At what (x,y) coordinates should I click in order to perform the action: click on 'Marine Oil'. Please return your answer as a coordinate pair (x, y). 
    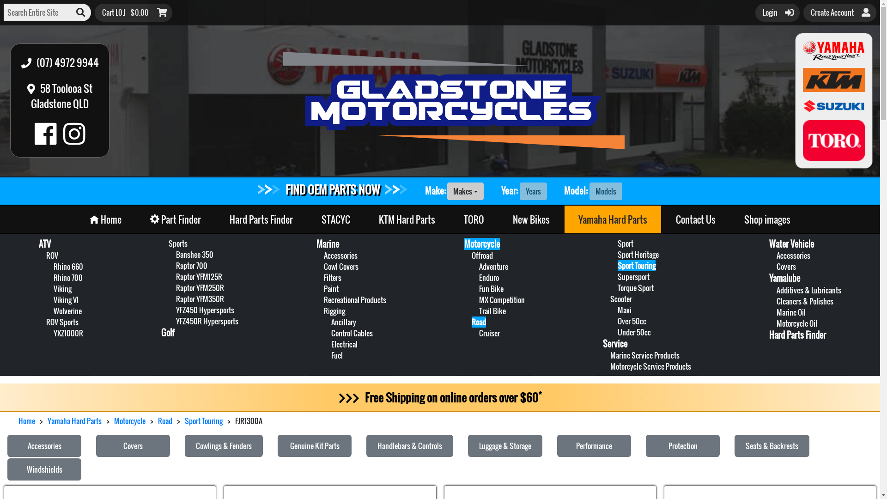
    Looking at the image, I should click on (790, 312).